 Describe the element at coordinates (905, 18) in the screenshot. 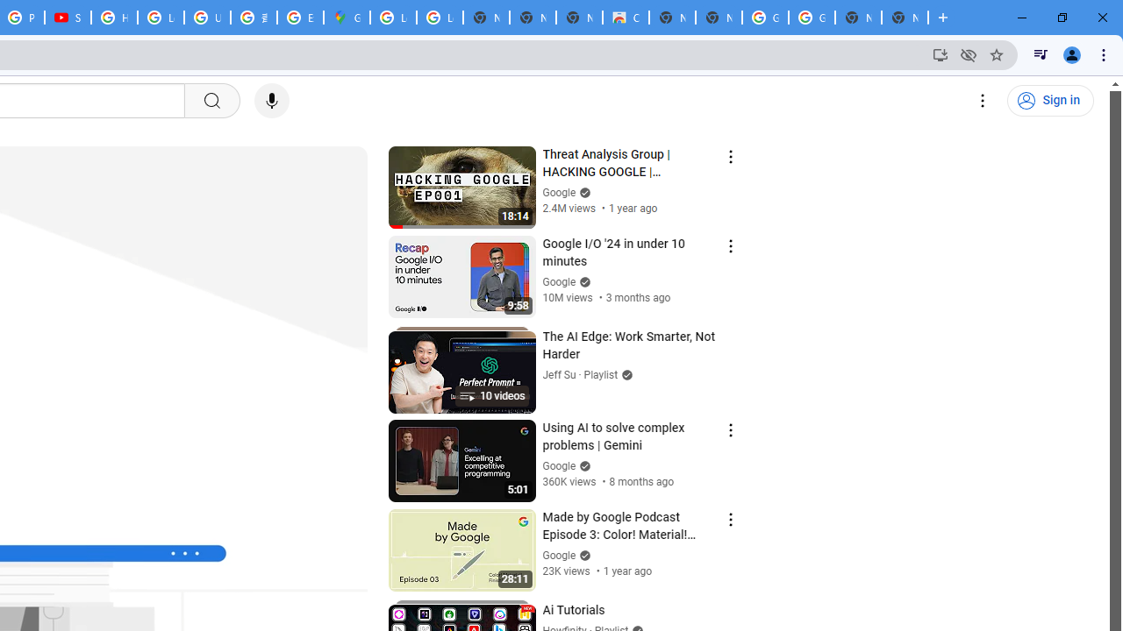

I see `'New Tab'` at that location.